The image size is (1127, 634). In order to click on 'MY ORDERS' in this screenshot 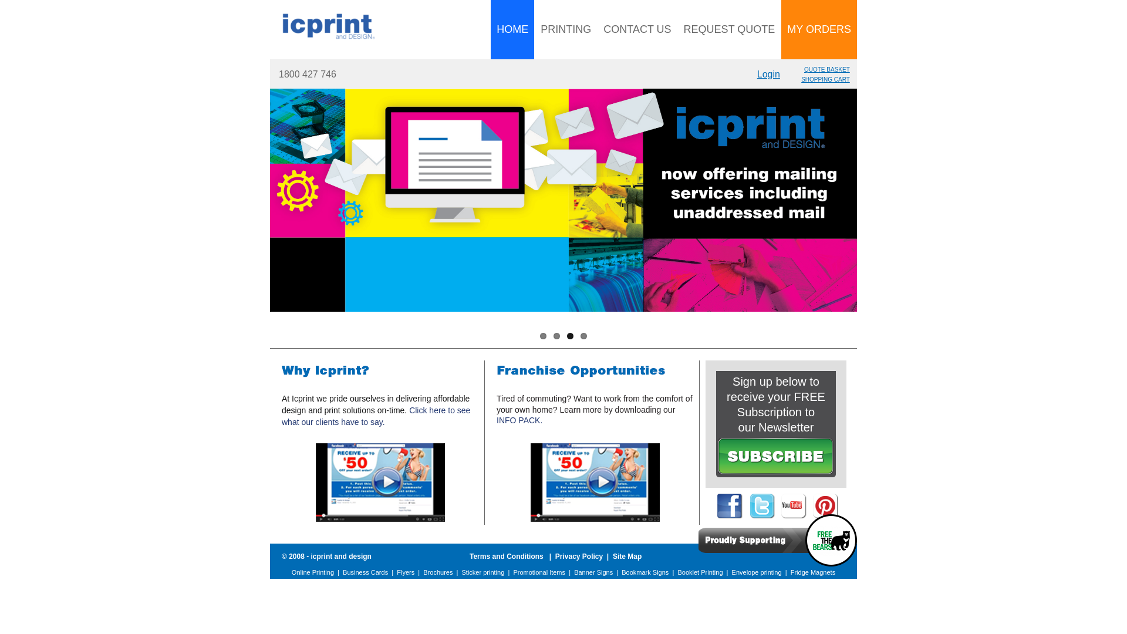, I will do `click(818, 29)`.